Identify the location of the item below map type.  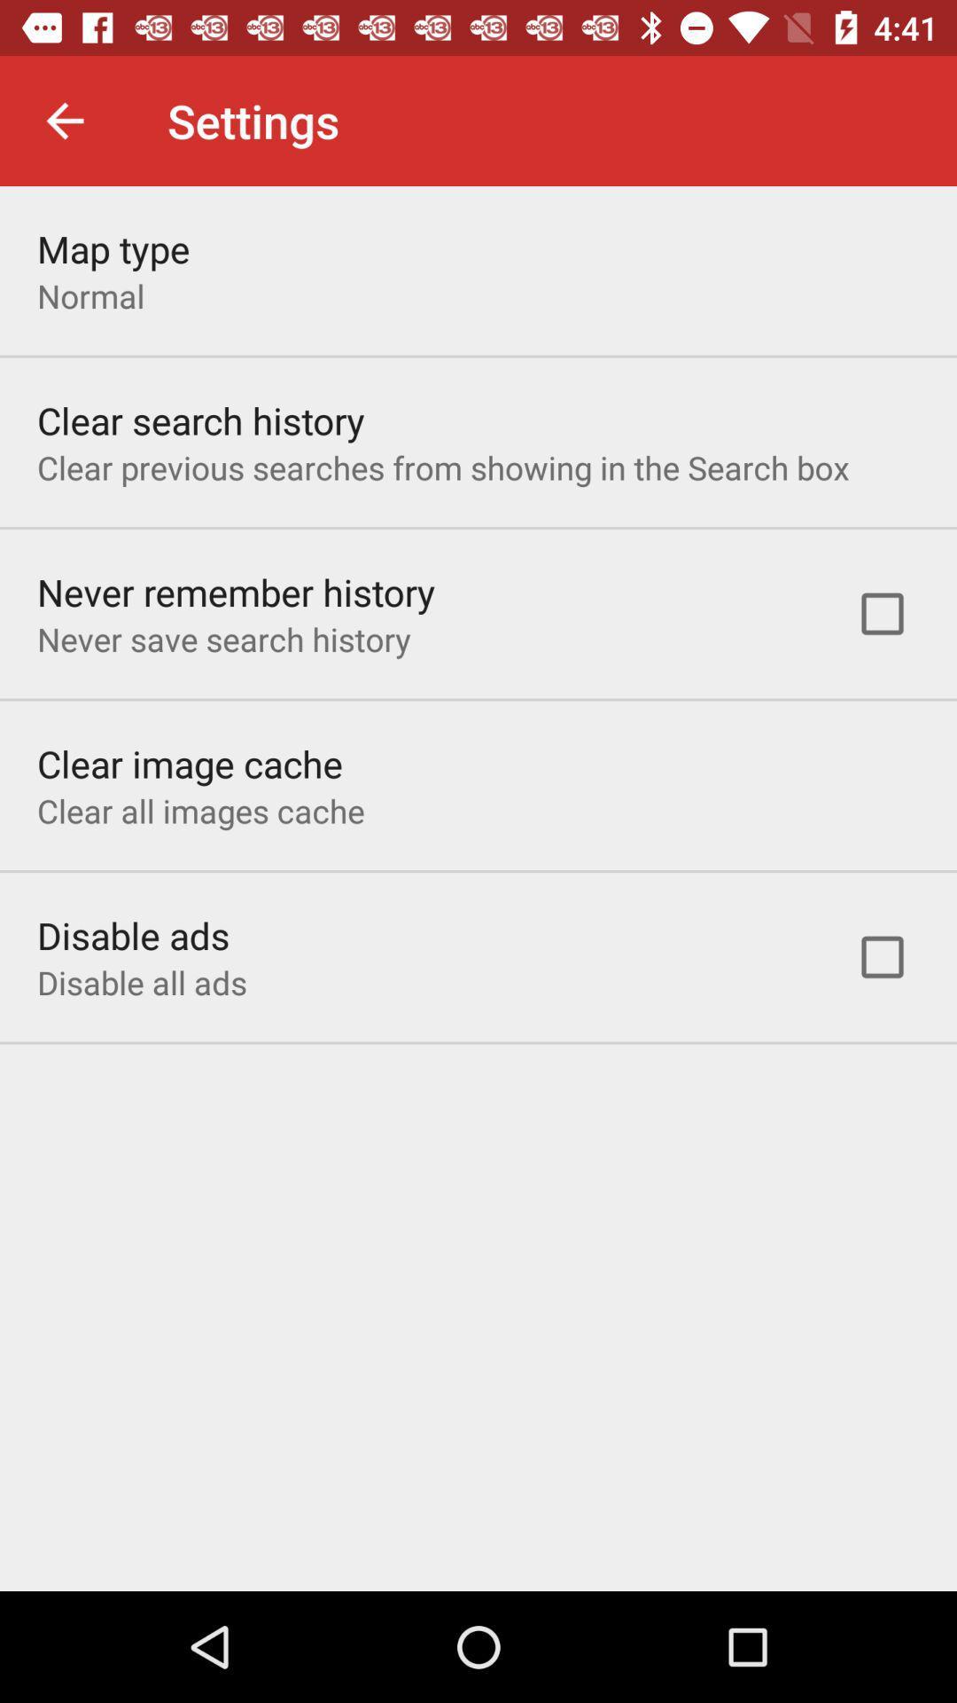
(90, 295).